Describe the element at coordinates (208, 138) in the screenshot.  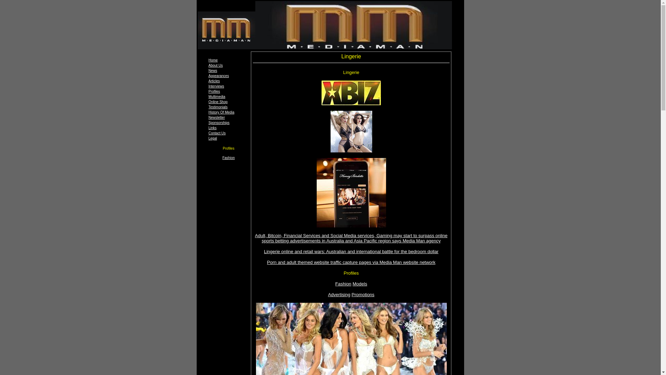
I see `'Legal'` at that location.